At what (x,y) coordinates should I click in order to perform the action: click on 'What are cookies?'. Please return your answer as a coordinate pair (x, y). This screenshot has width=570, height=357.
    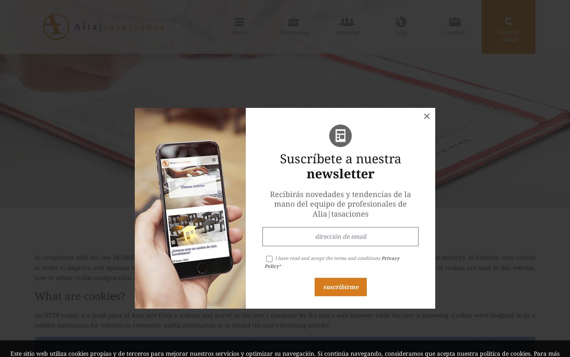
    Looking at the image, I should click on (79, 295).